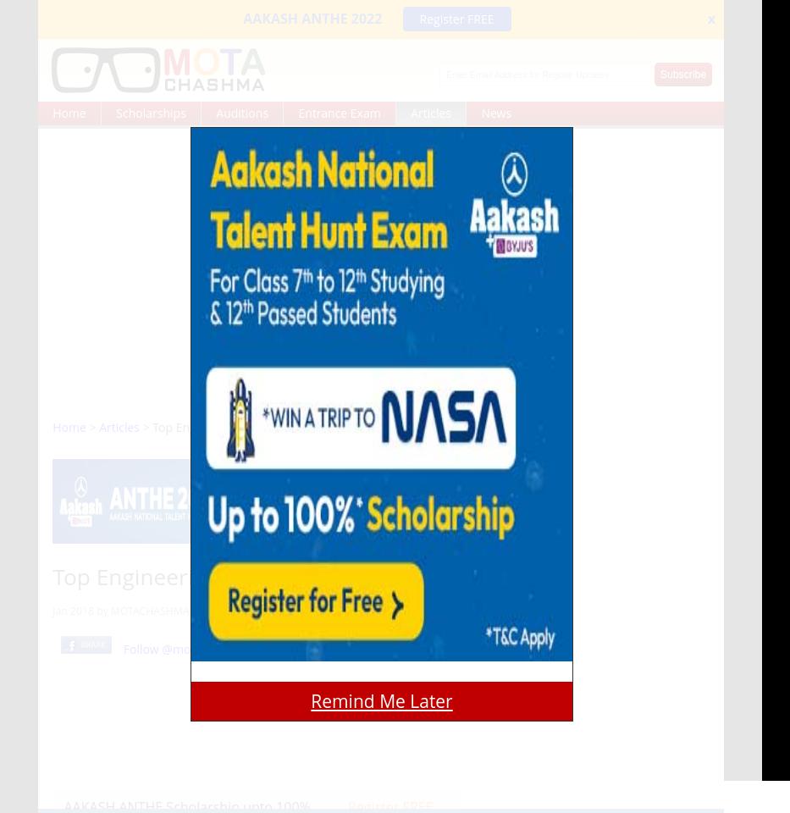 The width and height of the screenshot is (790, 813). What do you see at coordinates (339, 112) in the screenshot?
I see `'Entrance Exam'` at bounding box center [339, 112].